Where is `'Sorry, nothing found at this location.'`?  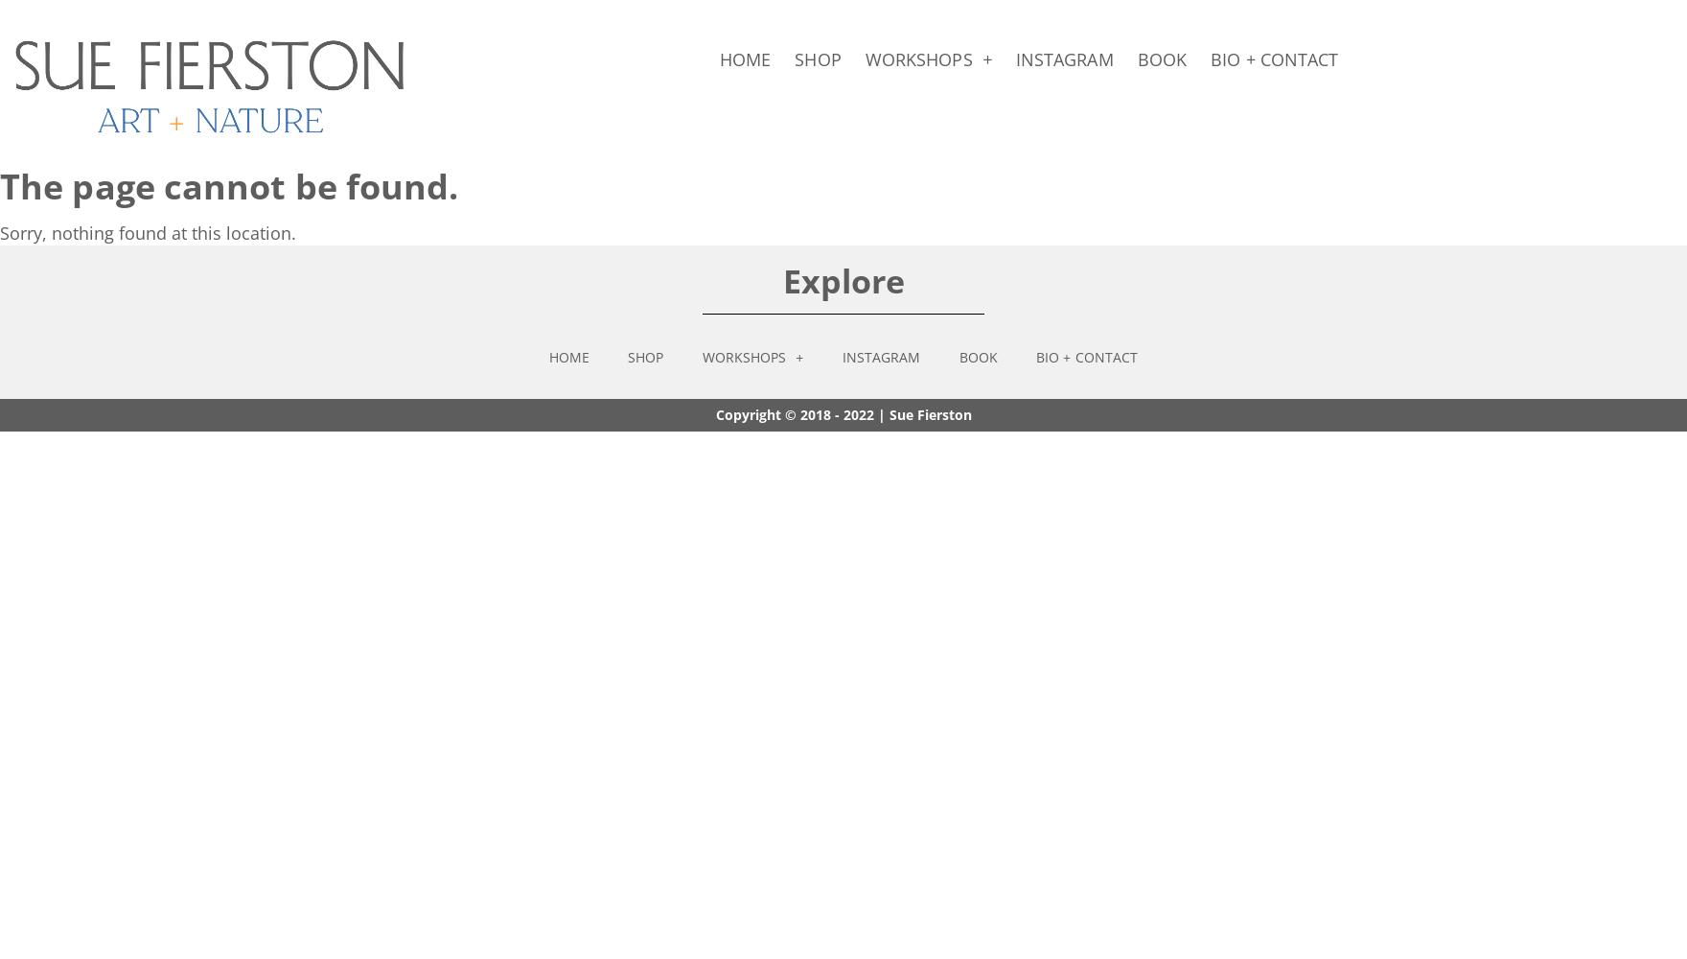
'Sorry, nothing found at this location.' is located at coordinates (148, 231).